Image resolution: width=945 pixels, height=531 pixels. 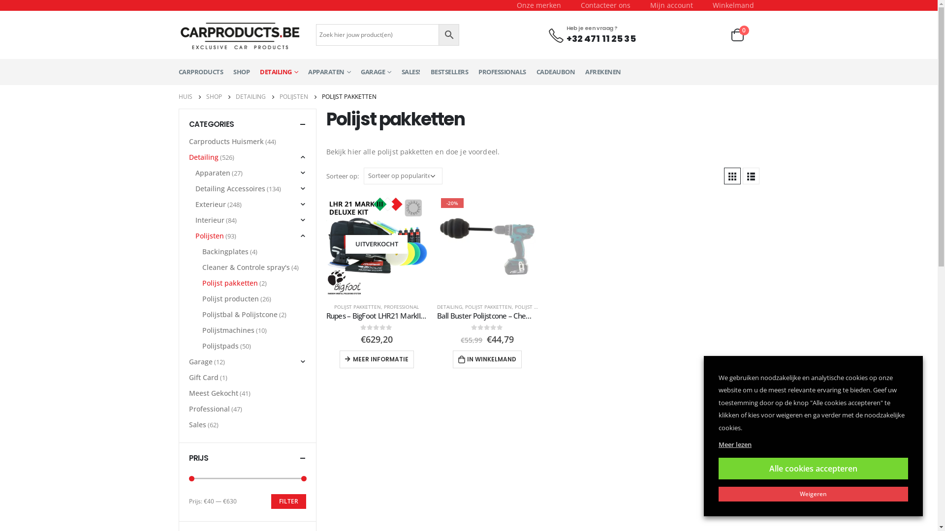 I want to click on 'Backingplates', so click(x=224, y=251).